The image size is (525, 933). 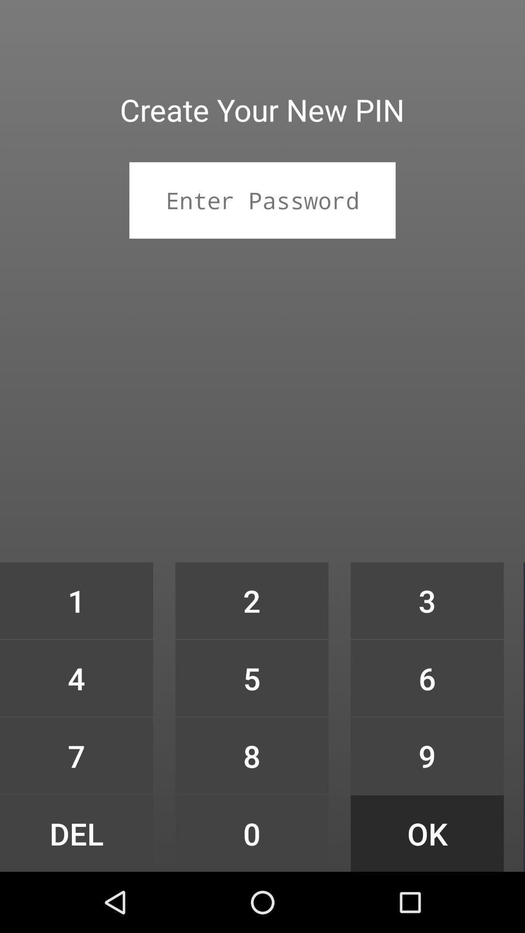 What do you see at coordinates (251, 600) in the screenshot?
I see `2 item` at bounding box center [251, 600].